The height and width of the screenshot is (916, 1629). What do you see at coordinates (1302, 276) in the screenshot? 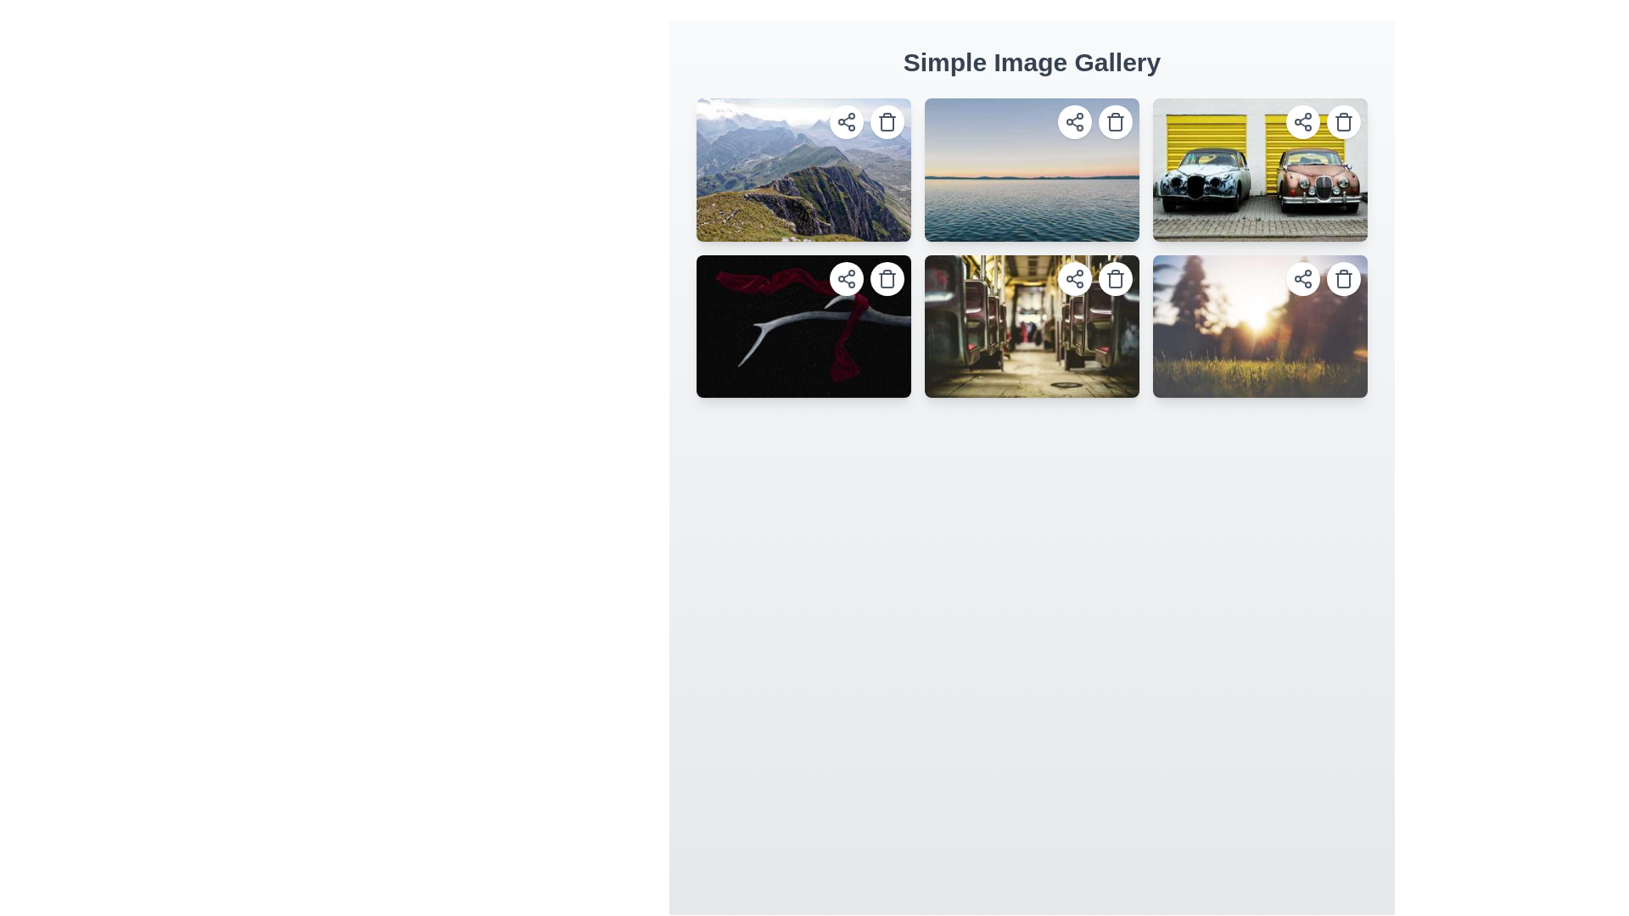
I see `the share icon button, which is a graphical representation of connected nodes located in the top-right corner of an image card` at bounding box center [1302, 276].